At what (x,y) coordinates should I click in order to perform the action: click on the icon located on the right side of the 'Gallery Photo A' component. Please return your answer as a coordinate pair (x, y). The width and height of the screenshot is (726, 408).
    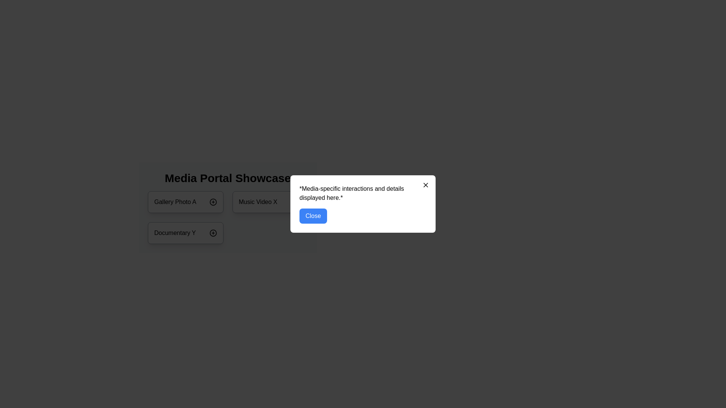
    Looking at the image, I should click on (213, 202).